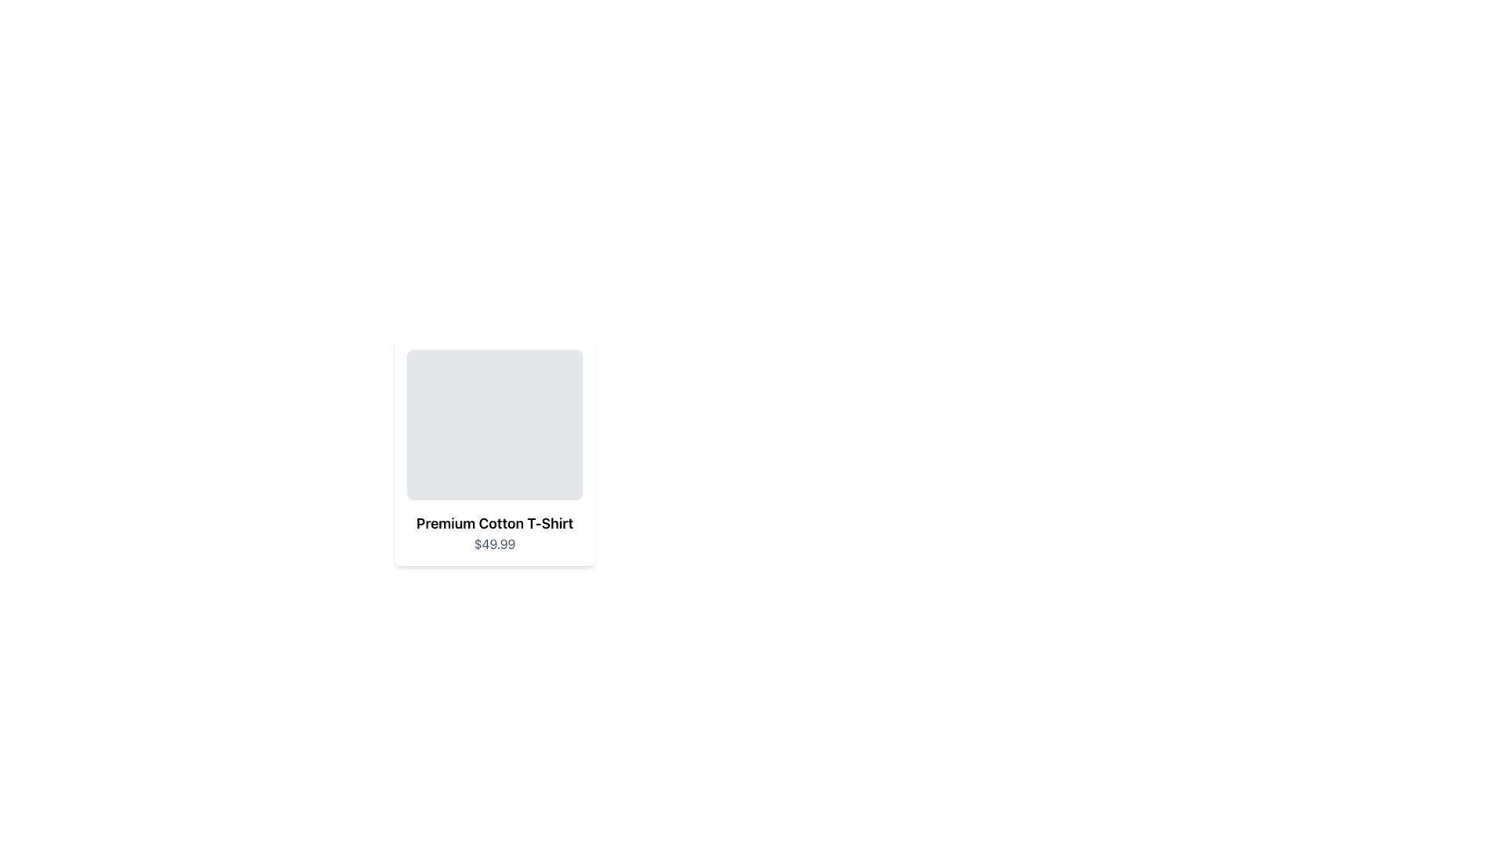 The image size is (1506, 847). Describe the element at coordinates (493, 543) in the screenshot. I see `the price value displayed in the text label located directly below the title 'Premium Cotton T-Shirt' in the card layout` at that location.